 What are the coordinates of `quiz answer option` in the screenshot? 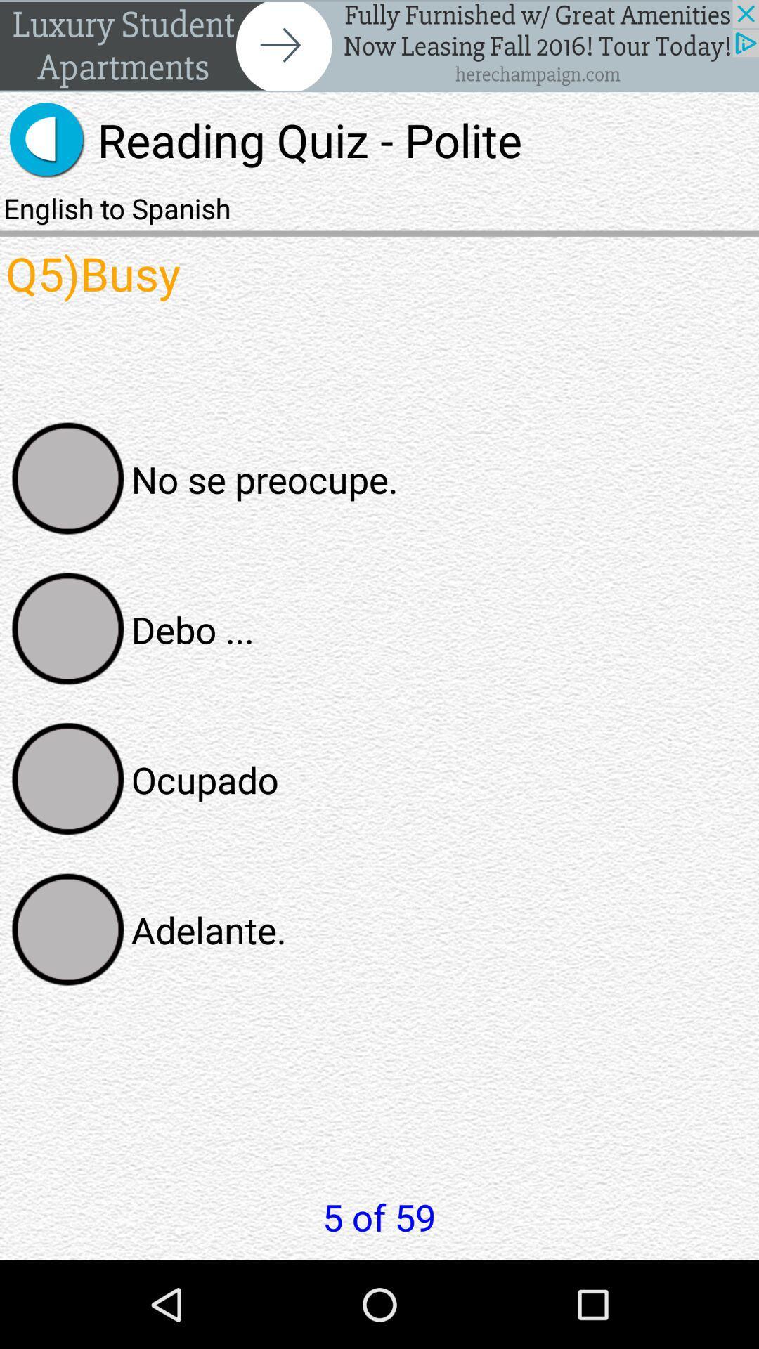 It's located at (68, 930).